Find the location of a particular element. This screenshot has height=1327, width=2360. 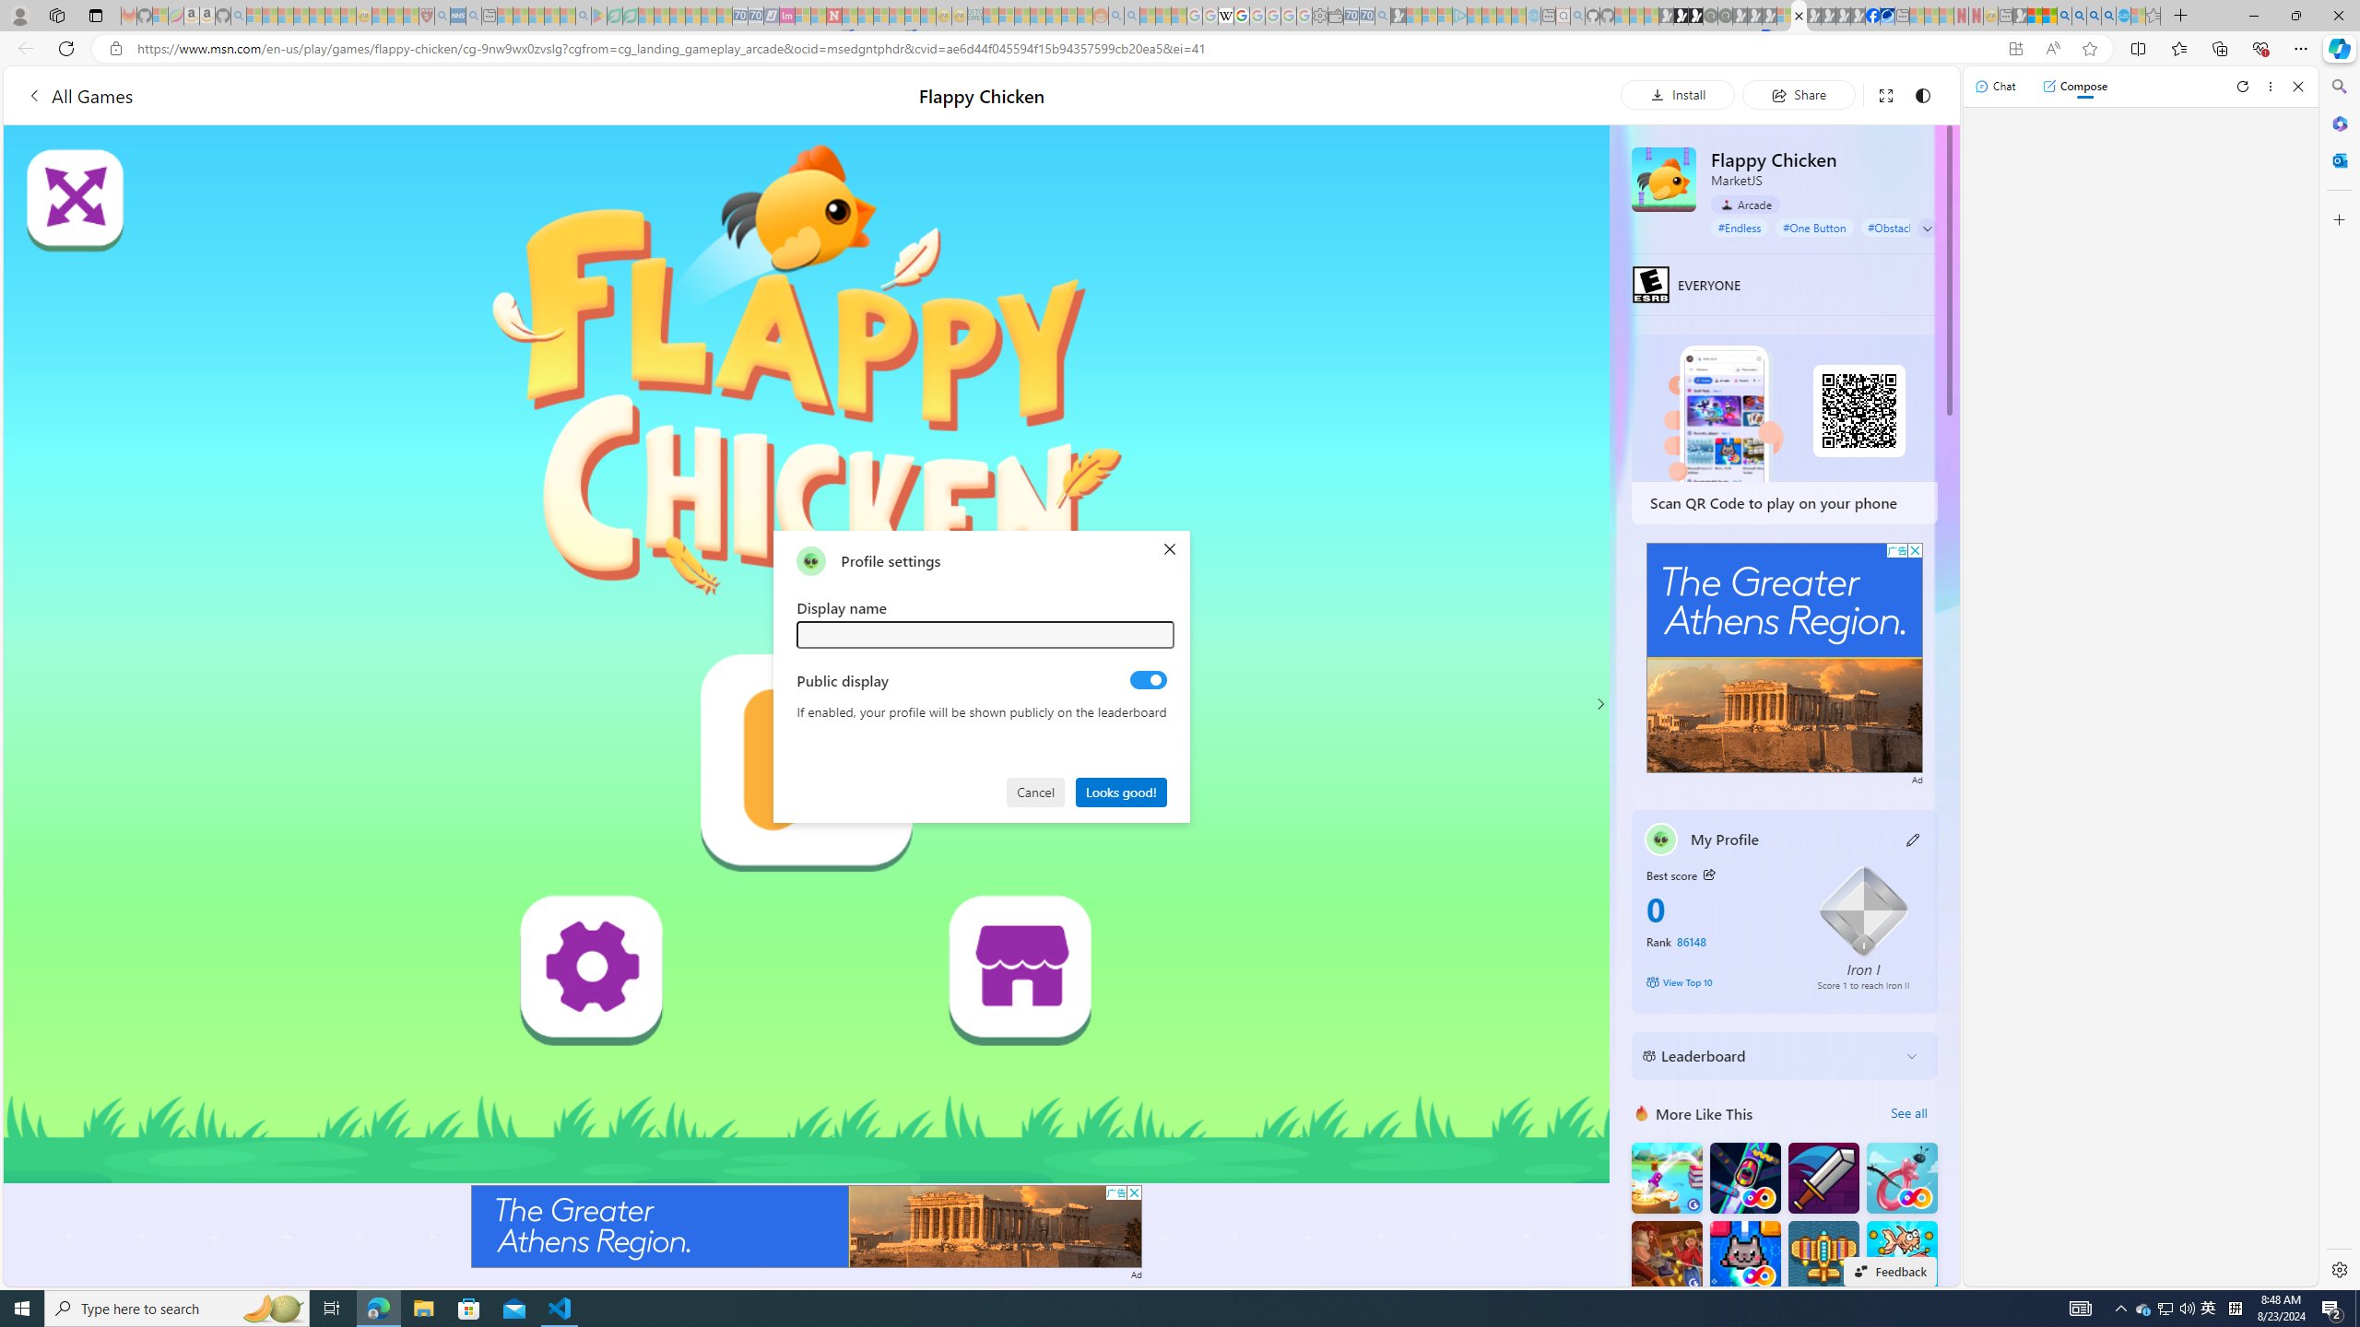

'View Top 10' is located at coordinates (1717, 981).